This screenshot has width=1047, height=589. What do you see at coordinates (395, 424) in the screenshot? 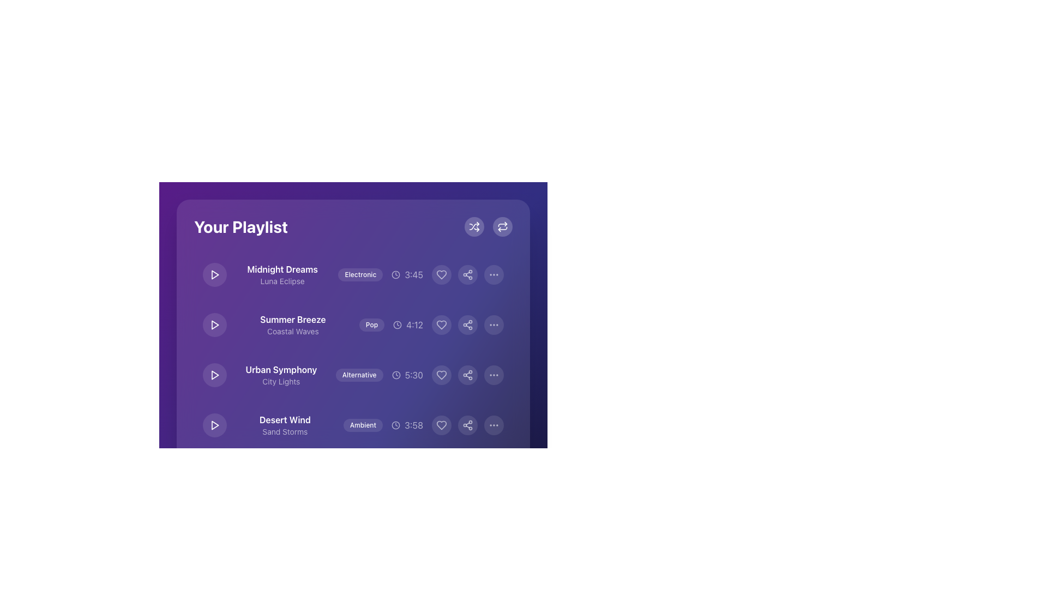
I see `the clock icon that indicates the duration ('3:58') for the 'Desert Wind' playlist item, located on the right side of its list entry` at bounding box center [395, 424].